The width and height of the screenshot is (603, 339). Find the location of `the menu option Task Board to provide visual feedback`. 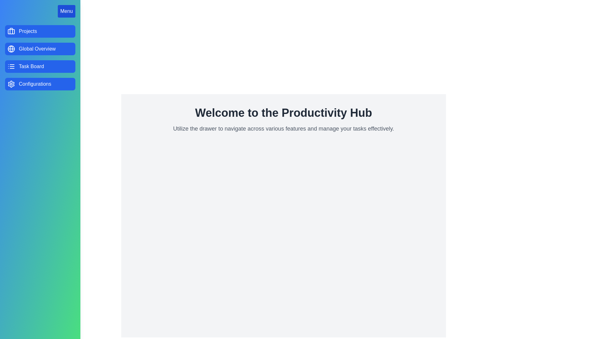

the menu option Task Board to provide visual feedback is located at coordinates (40, 67).